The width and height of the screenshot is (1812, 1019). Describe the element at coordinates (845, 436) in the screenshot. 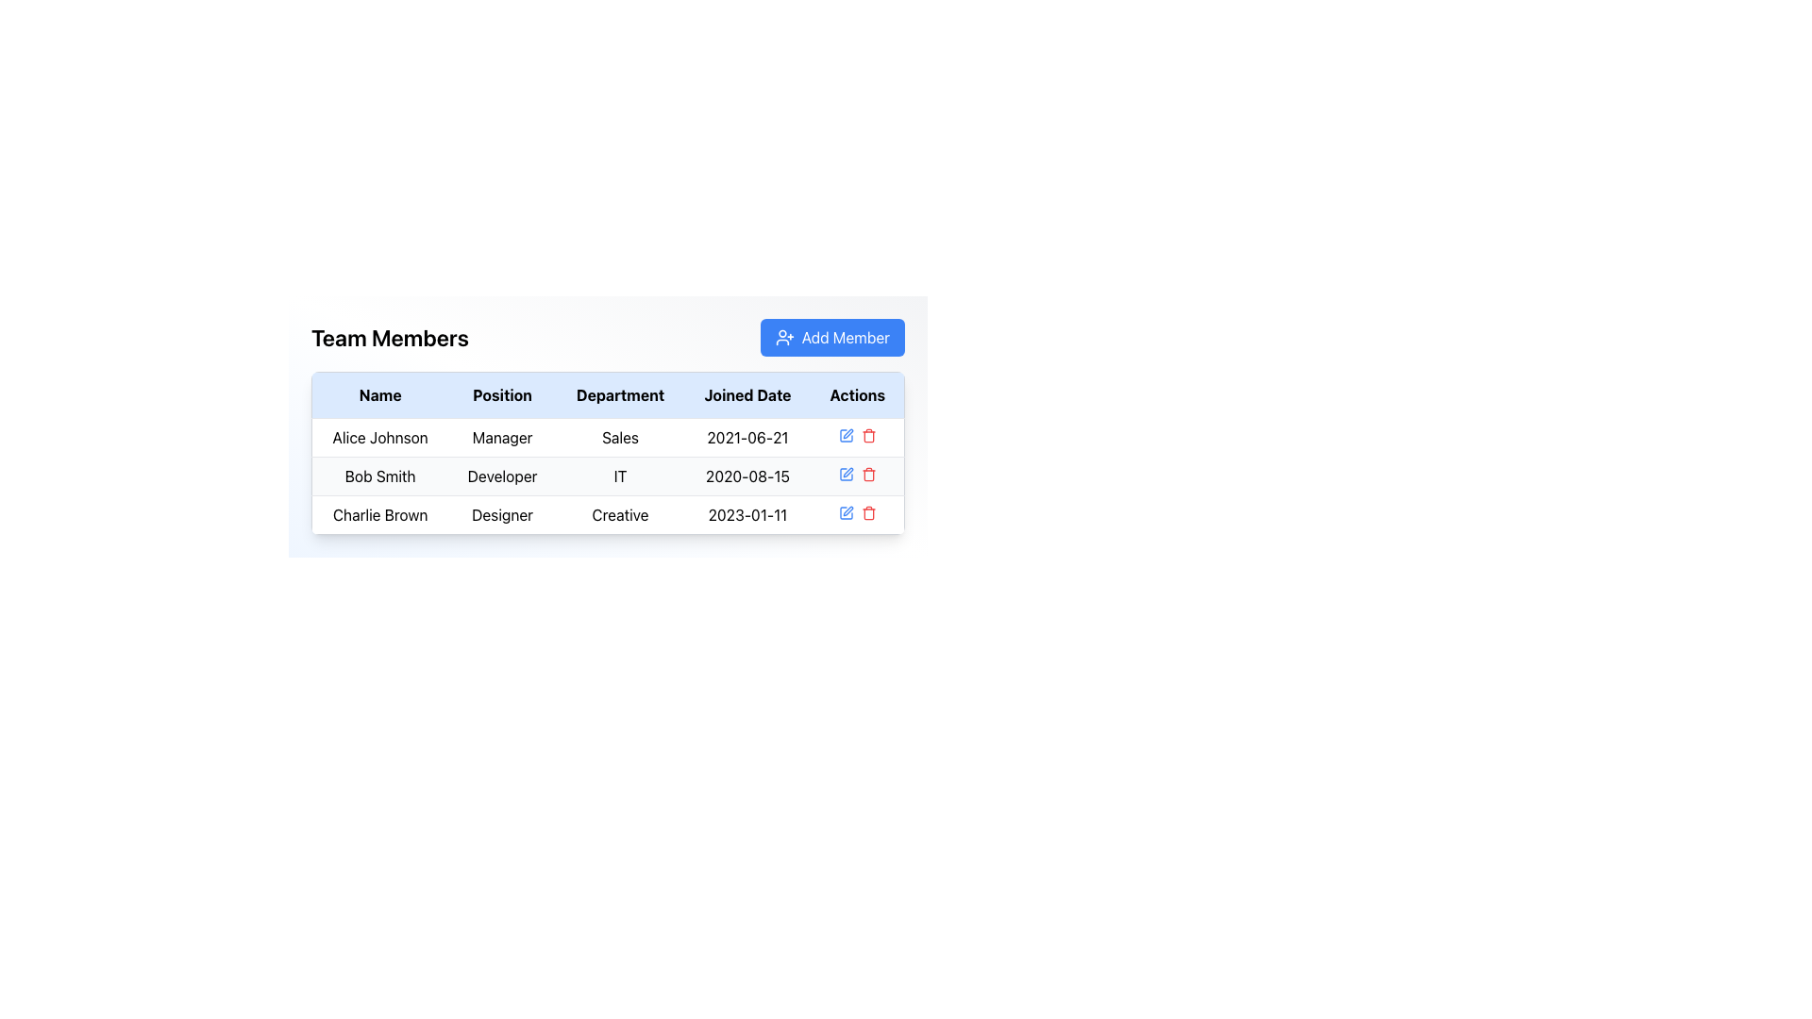

I see `the editing icon in the 'Actions' column of the table corresponding to 'Bob Smith.'` at that location.